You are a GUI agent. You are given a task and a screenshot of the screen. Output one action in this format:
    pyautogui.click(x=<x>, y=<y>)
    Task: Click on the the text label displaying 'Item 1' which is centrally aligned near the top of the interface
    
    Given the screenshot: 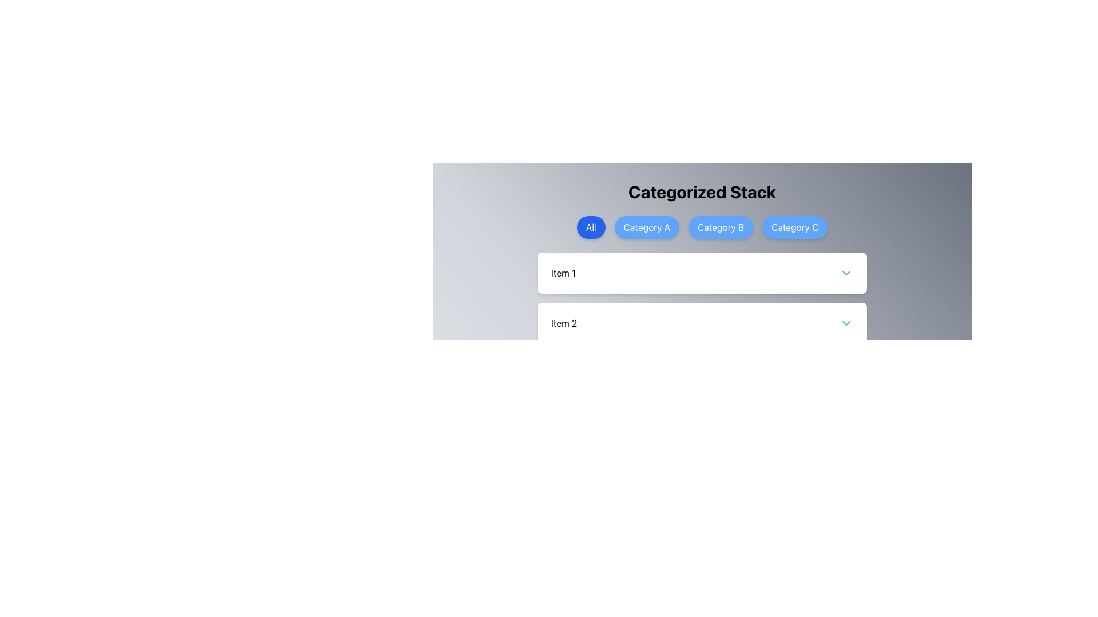 What is the action you would take?
    pyautogui.click(x=563, y=273)
    